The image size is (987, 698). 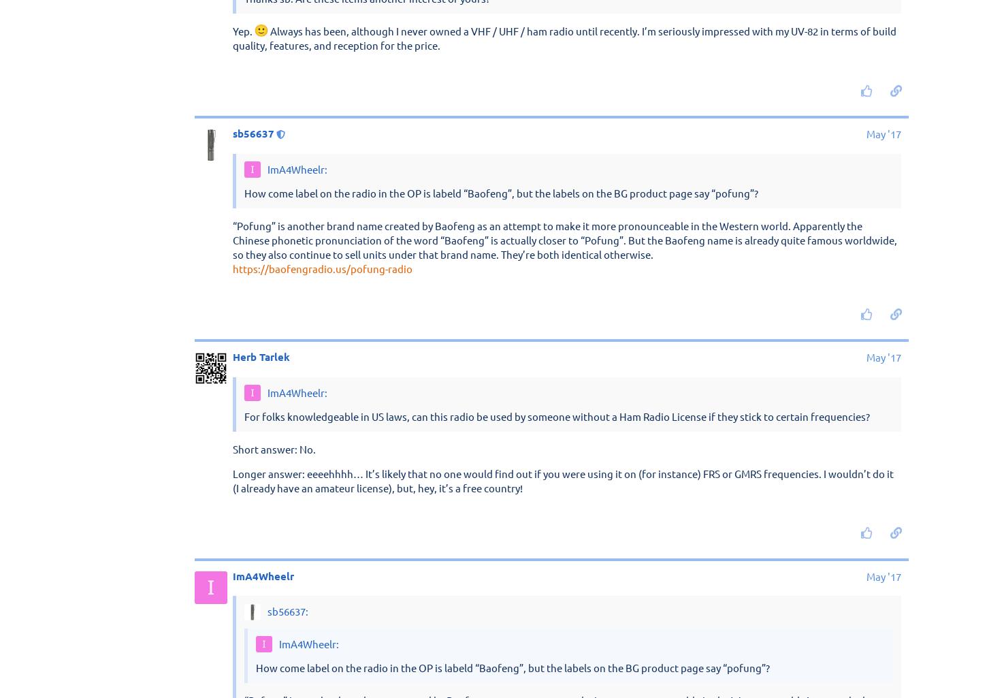 What do you see at coordinates (501, 586) in the screenshot?
I see `'How come label on the radio in the OP is labeld “Baofeng”, but the labels on the BG product page say “pofung”?'` at bounding box center [501, 586].